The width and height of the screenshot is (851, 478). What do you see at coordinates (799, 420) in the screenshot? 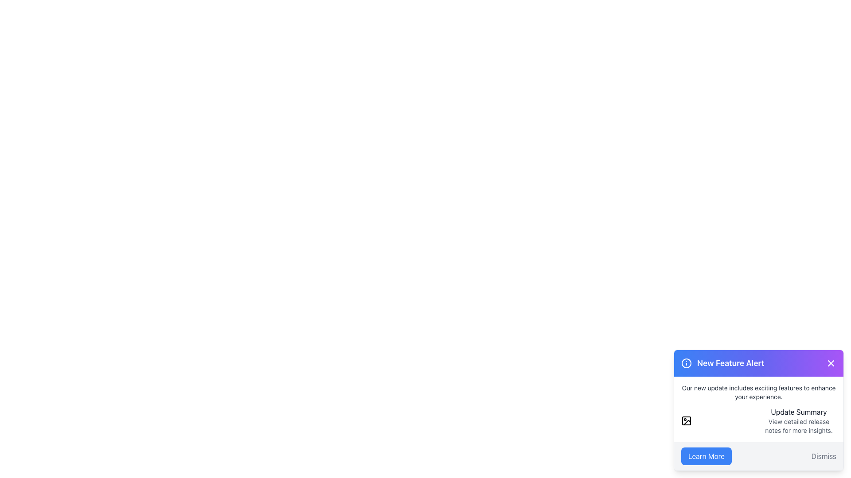
I see `the 'Update Summary' text block located in the bottom-right card-like section of the interface, which contains a heading and subtext in a grid layout` at bounding box center [799, 420].